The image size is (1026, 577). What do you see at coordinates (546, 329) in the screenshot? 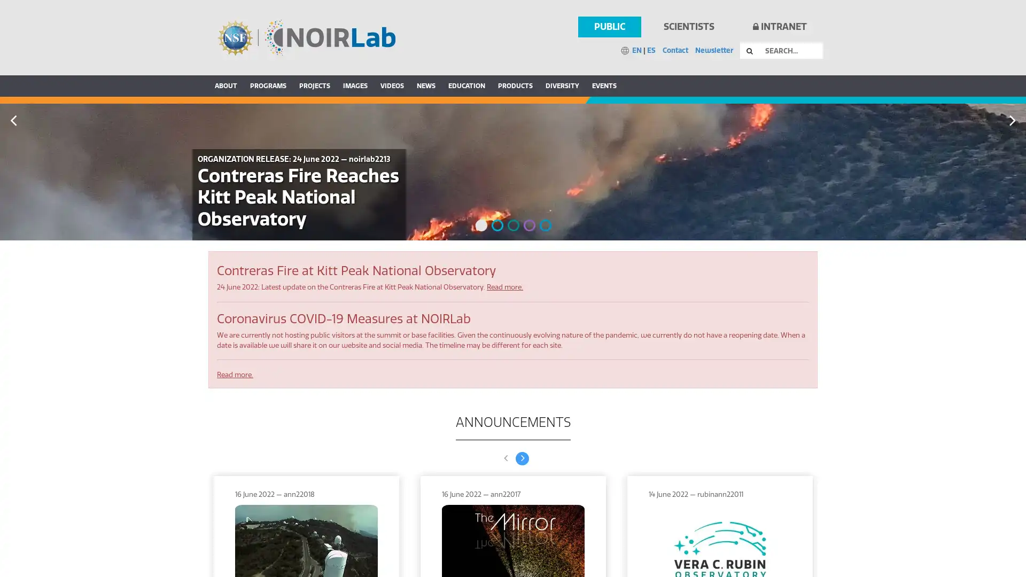
I see `5` at bounding box center [546, 329].